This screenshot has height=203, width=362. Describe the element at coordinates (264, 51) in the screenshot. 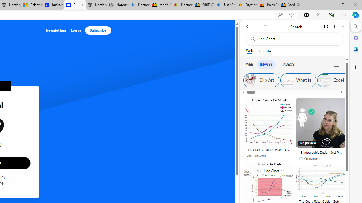

I see `'This site scope'` at that location.